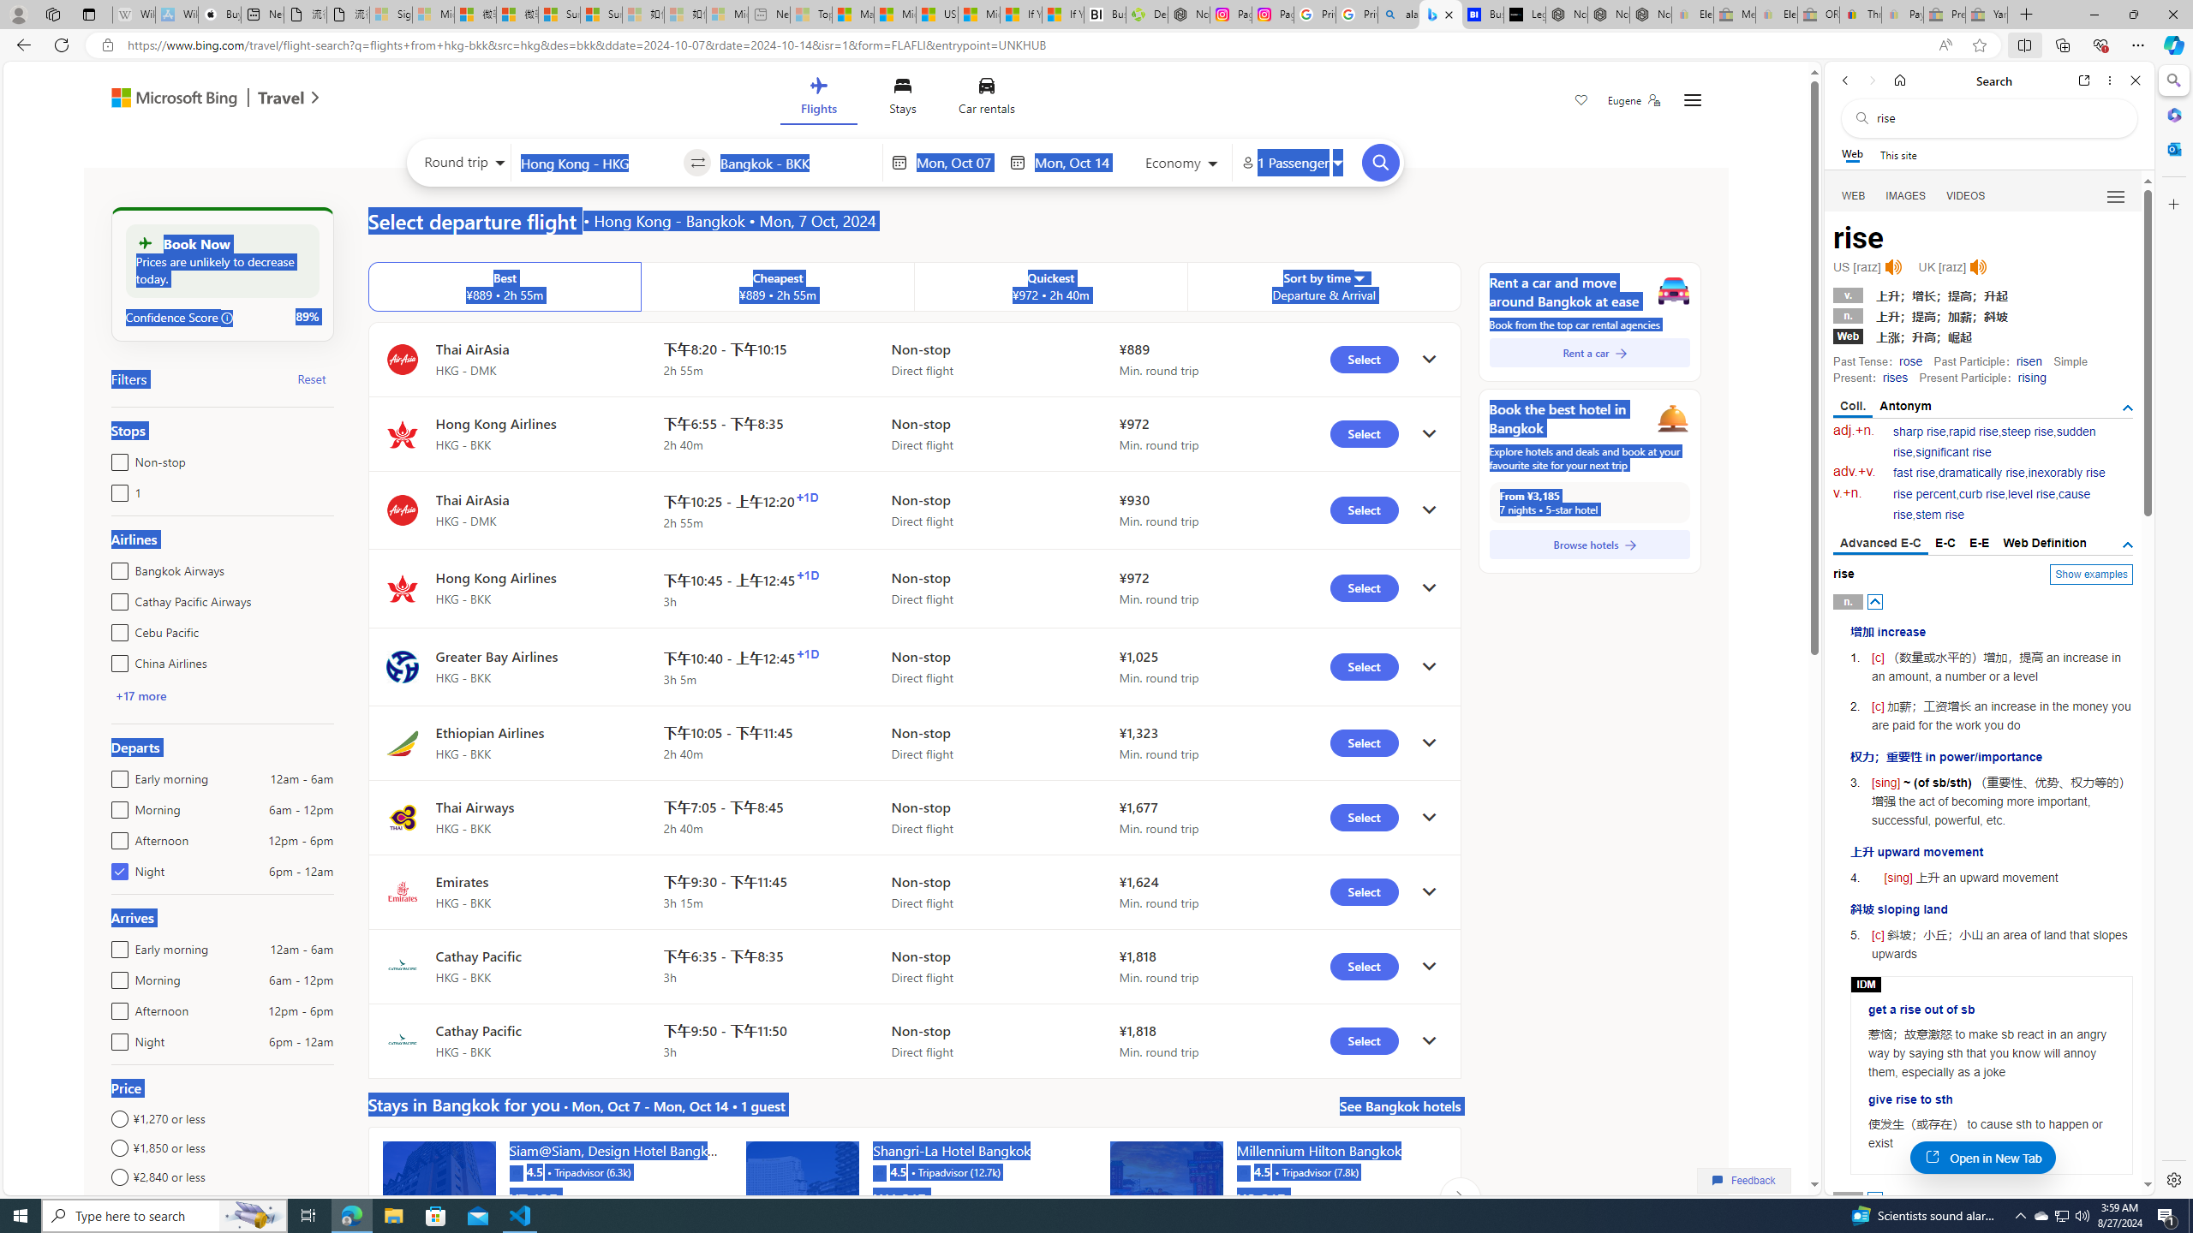  I want to click on 'Threats and offensive language policy | eBay', so click(1861, 14).